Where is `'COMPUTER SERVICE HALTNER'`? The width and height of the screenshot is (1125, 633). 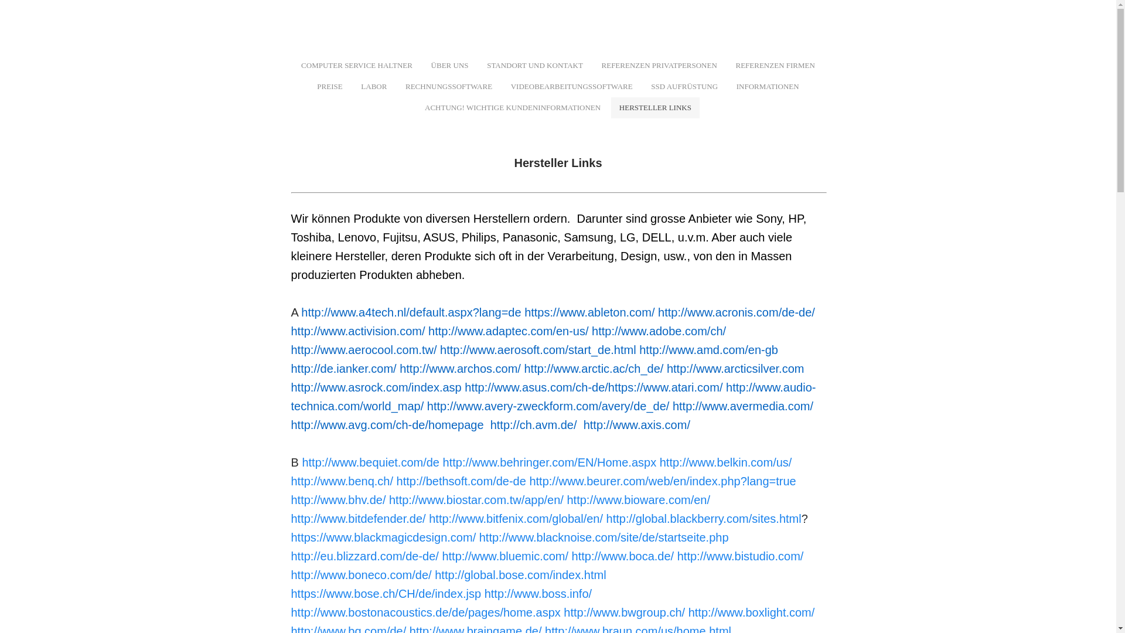
'COMPUTER SERVICE HALTNER' is located at coordinates (356, 65).